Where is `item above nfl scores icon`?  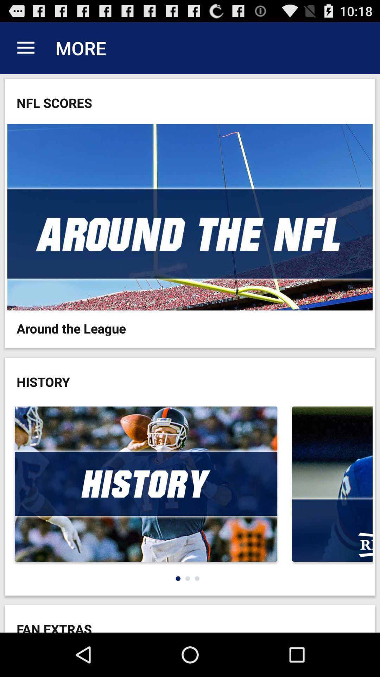
item above nfl scores icon is located at coordinates (25, 48).